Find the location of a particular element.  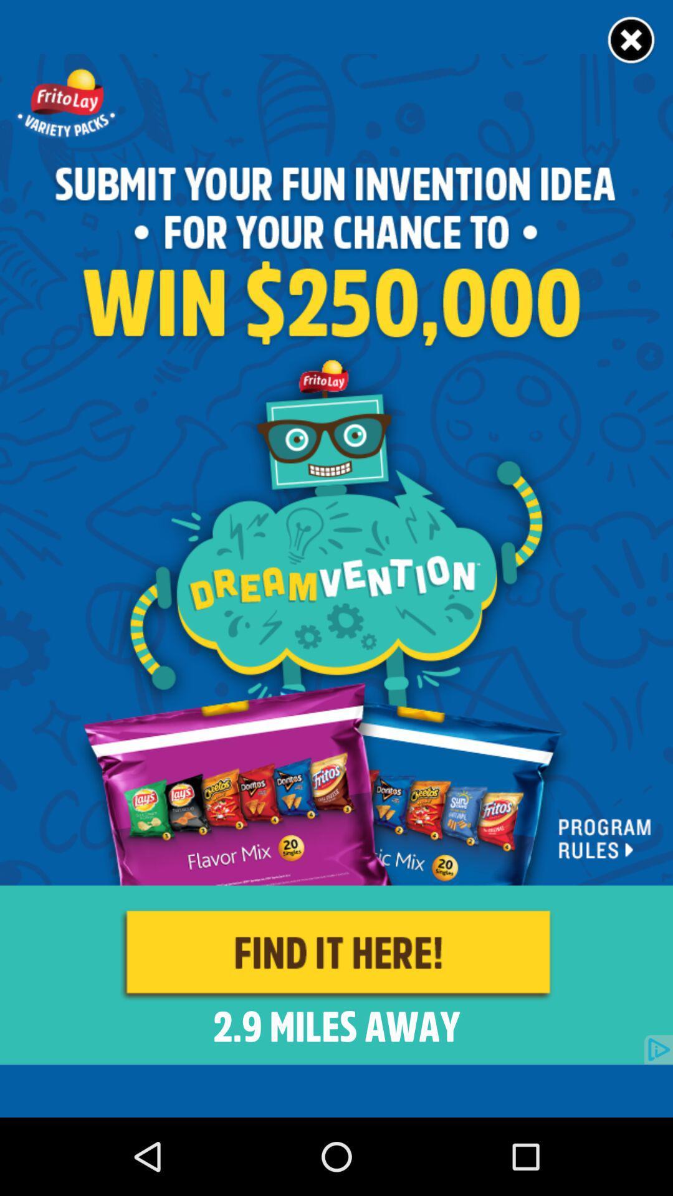

close is located at coordinates (632, 40).